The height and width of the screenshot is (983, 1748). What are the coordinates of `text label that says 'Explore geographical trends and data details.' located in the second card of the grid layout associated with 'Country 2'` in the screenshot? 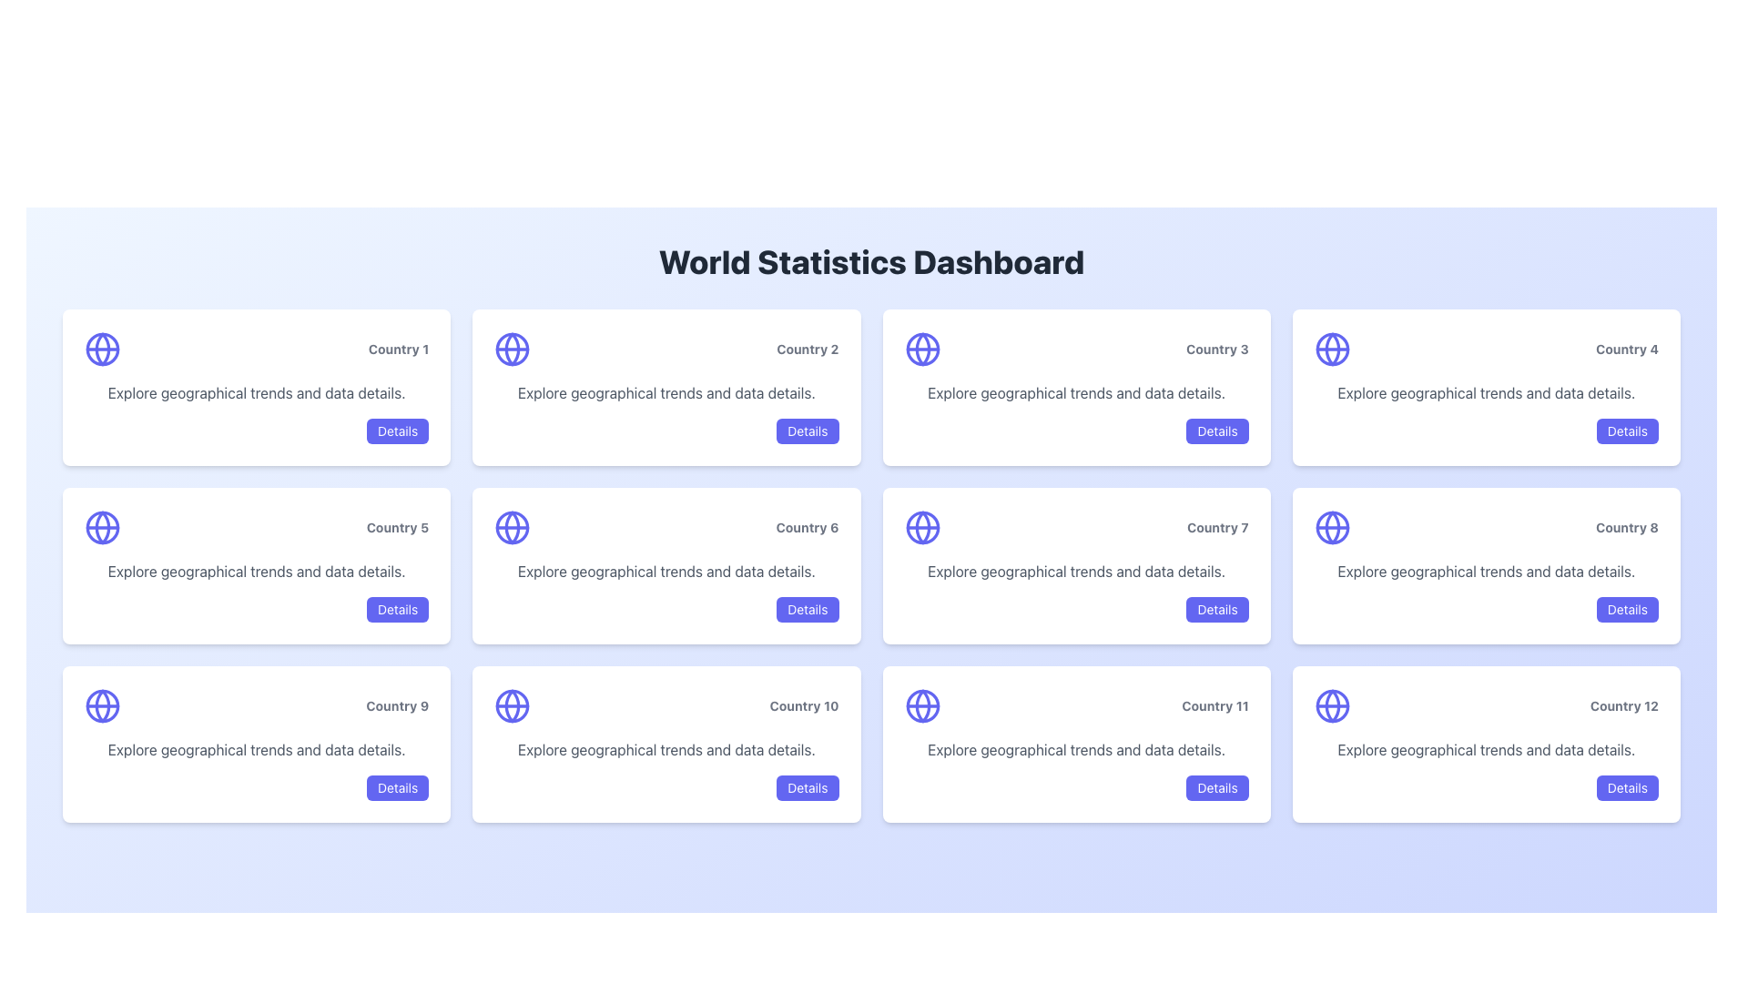 It's located at (666, 392).